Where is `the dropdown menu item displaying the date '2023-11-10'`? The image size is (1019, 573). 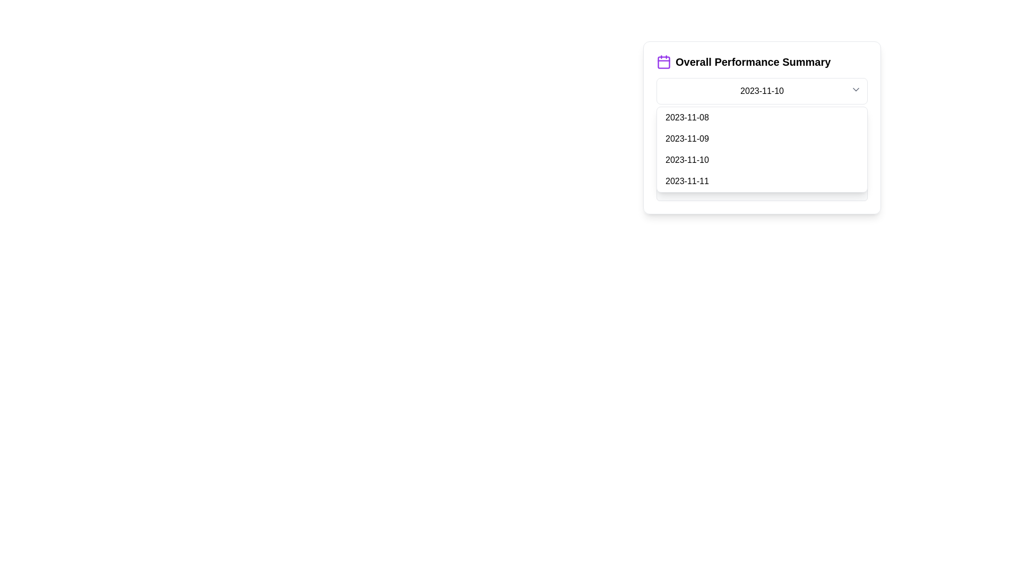 the dropdown menu item displaying the date '2023-11-10' is located at coordinates (761, 127).